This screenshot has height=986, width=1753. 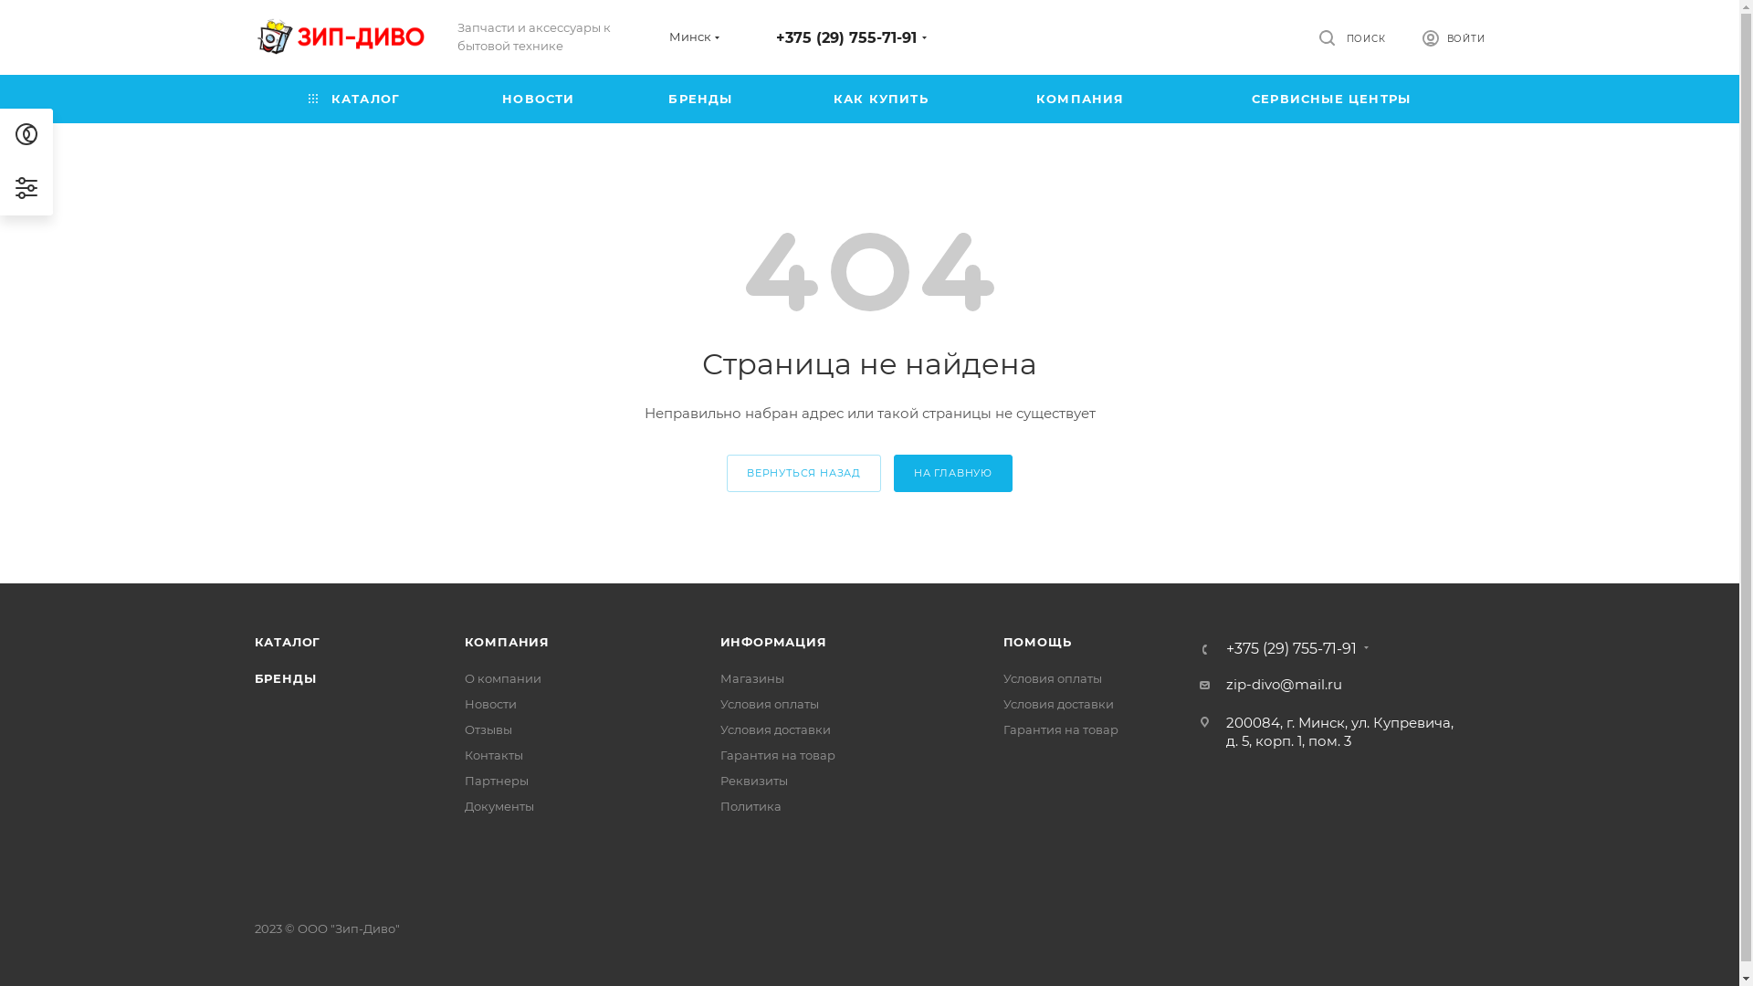 I want to click on 'zip-divo@mail.ru', so click(x=1282, y=684).